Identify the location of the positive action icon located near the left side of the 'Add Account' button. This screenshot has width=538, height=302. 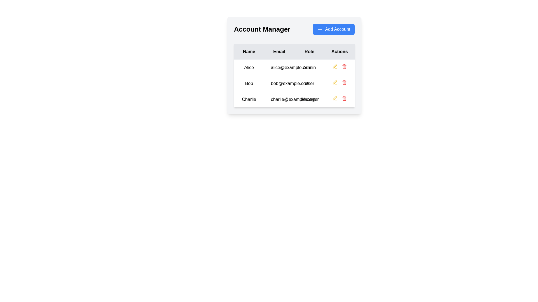
(320, 29).